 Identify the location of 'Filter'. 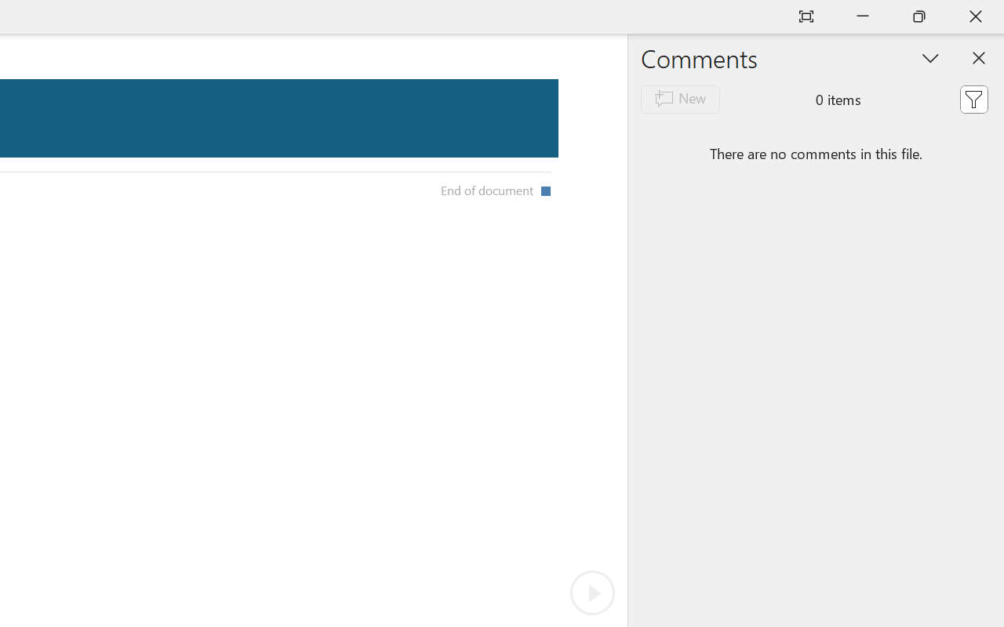
(973, 98).